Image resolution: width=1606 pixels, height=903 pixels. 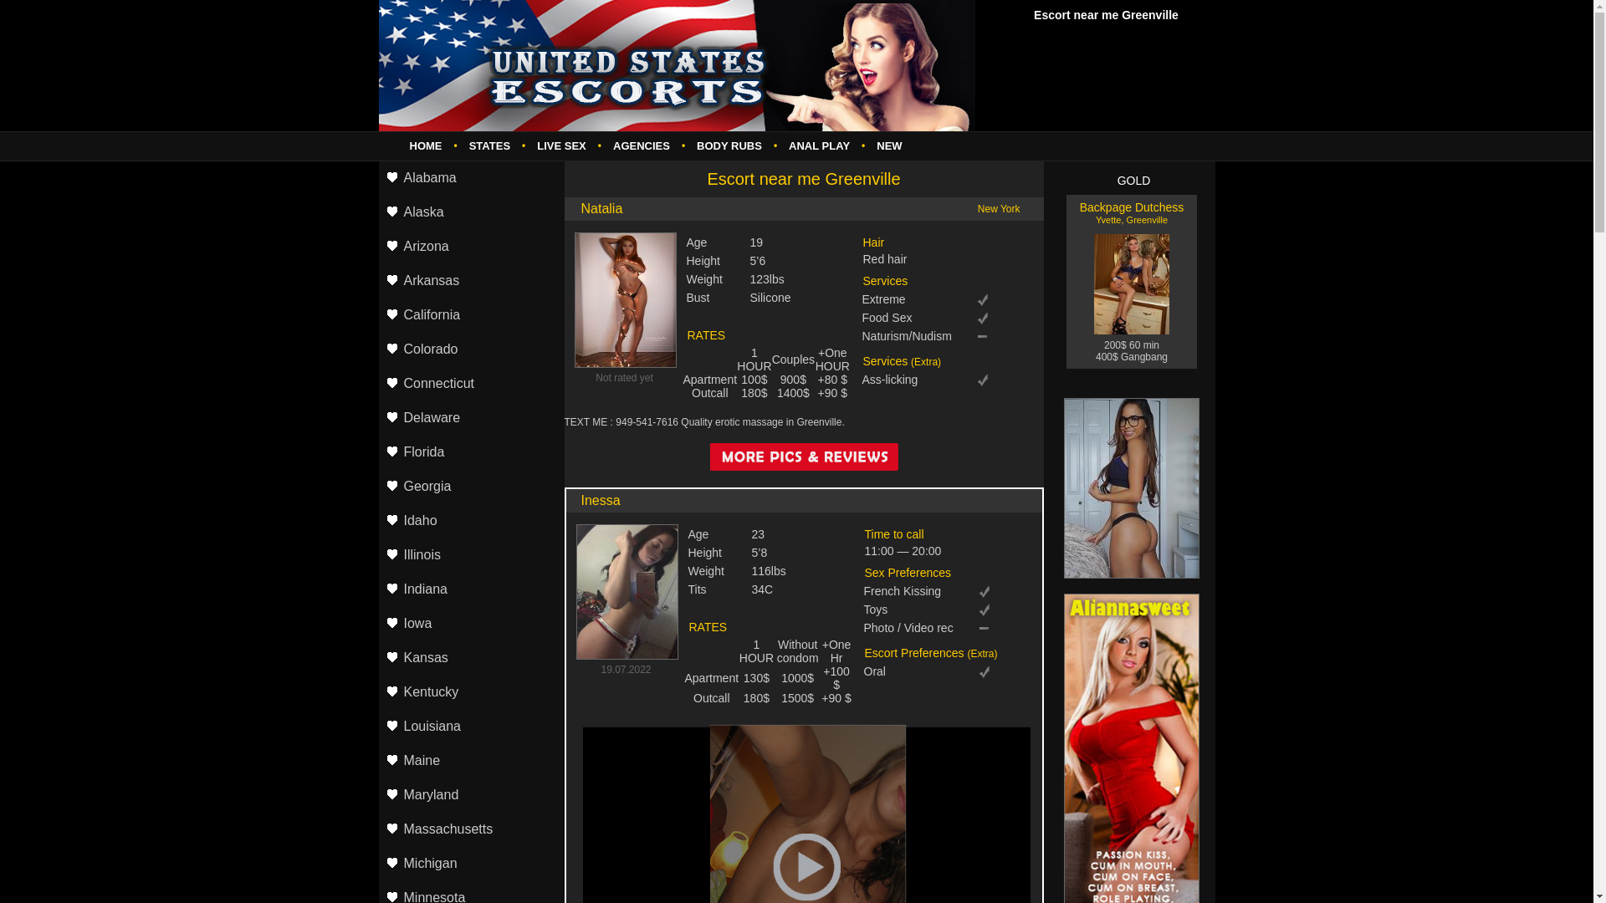 What do you see at coordinates (468, 520) in the screenshot?
I see `'Idaho'` at bounding box center [468, 520].